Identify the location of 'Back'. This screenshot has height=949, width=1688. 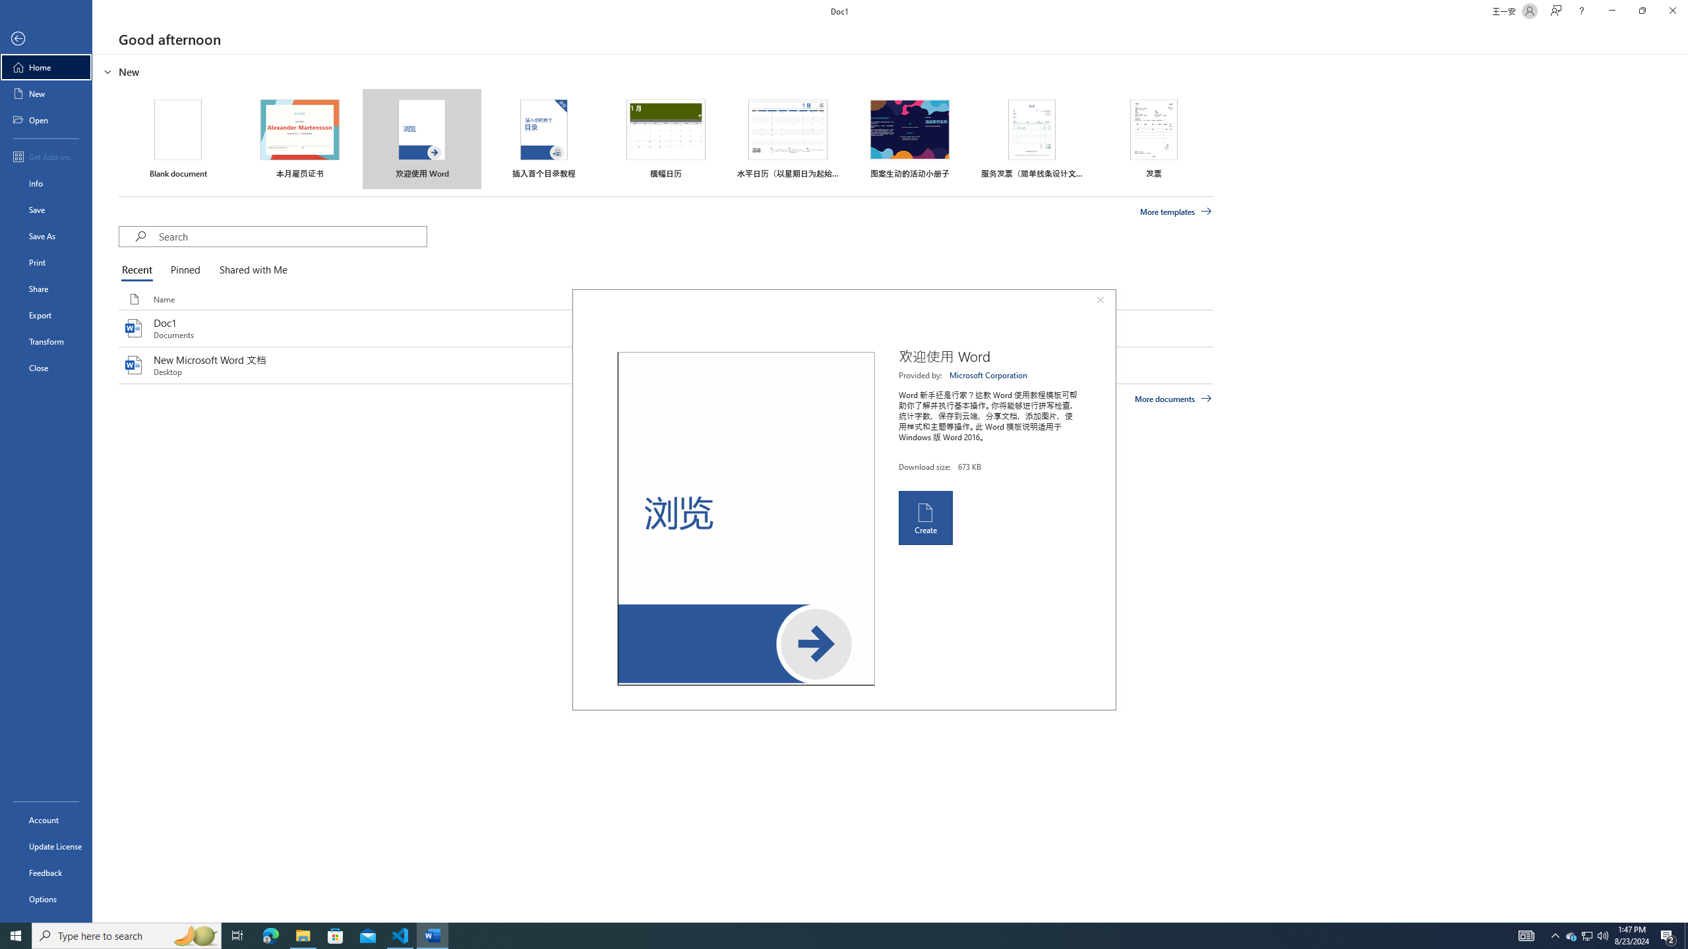
(45, 38).